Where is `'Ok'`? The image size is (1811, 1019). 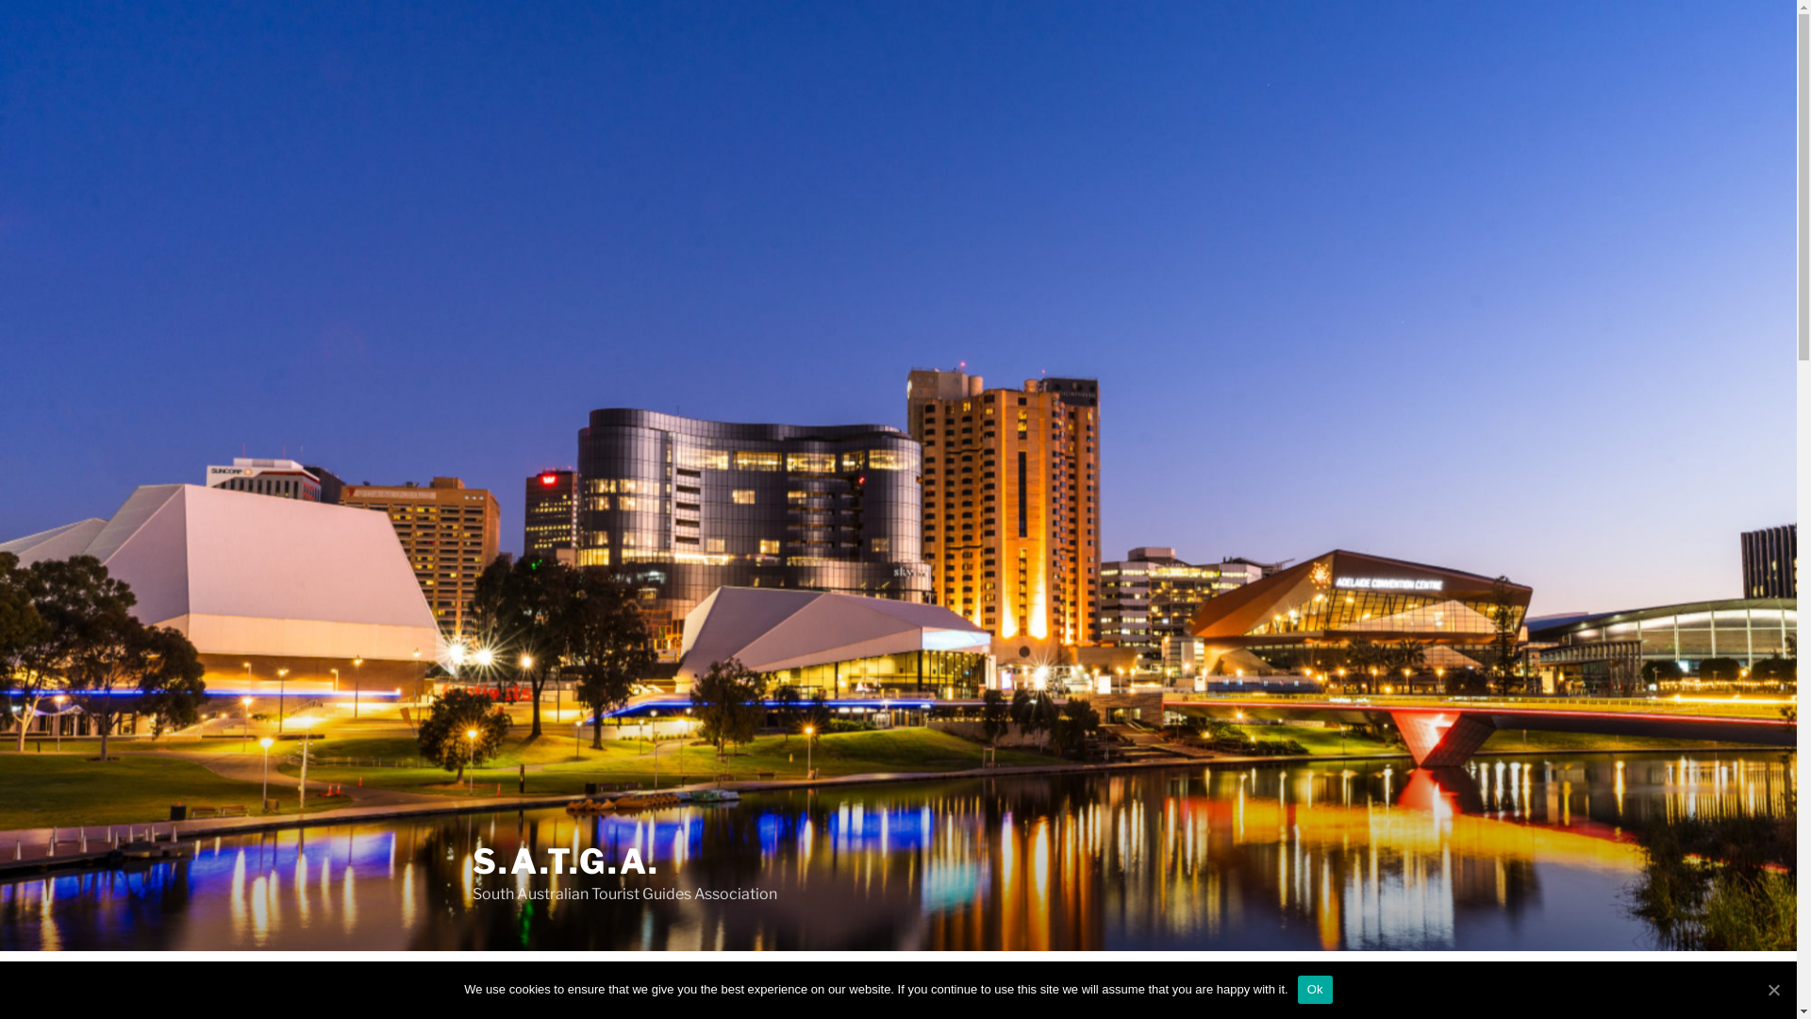 'Ok' is located at coordinates (1297, 989).